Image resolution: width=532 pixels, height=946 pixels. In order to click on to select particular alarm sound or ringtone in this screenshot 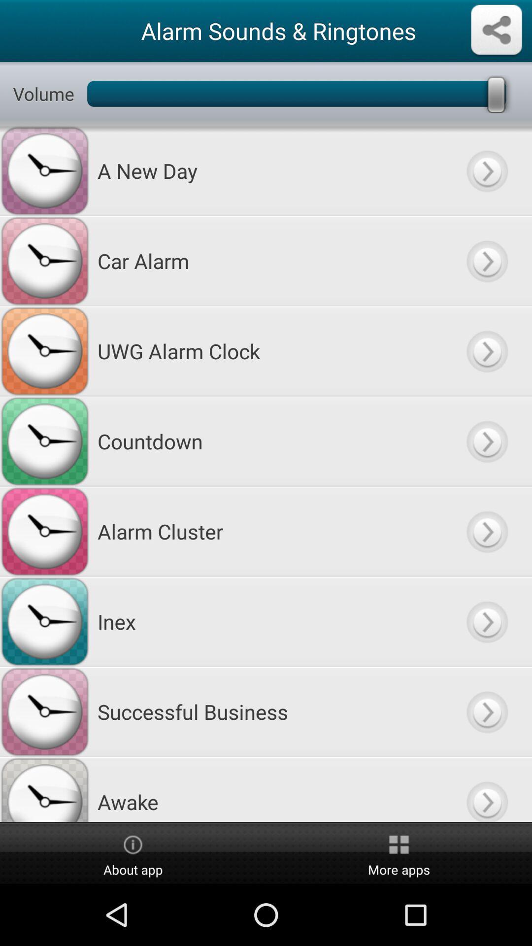, I will do `click(486, 440)`.